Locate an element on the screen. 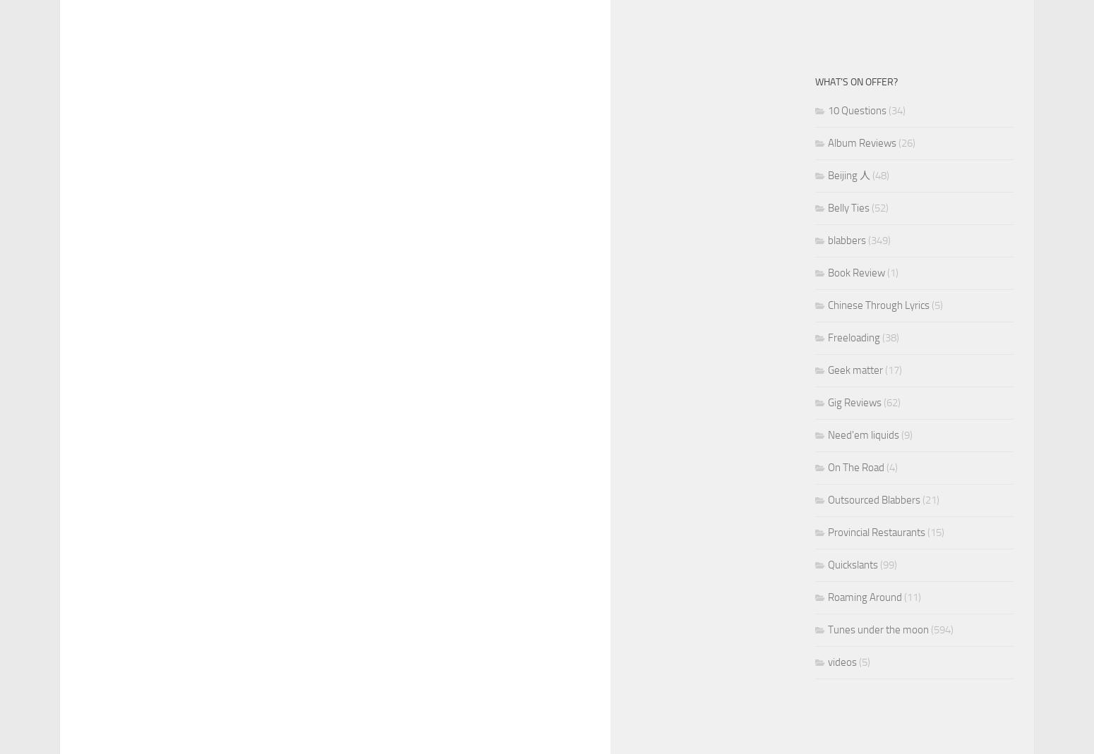  'Need'em liquids' is located at coordinates (863, 435).